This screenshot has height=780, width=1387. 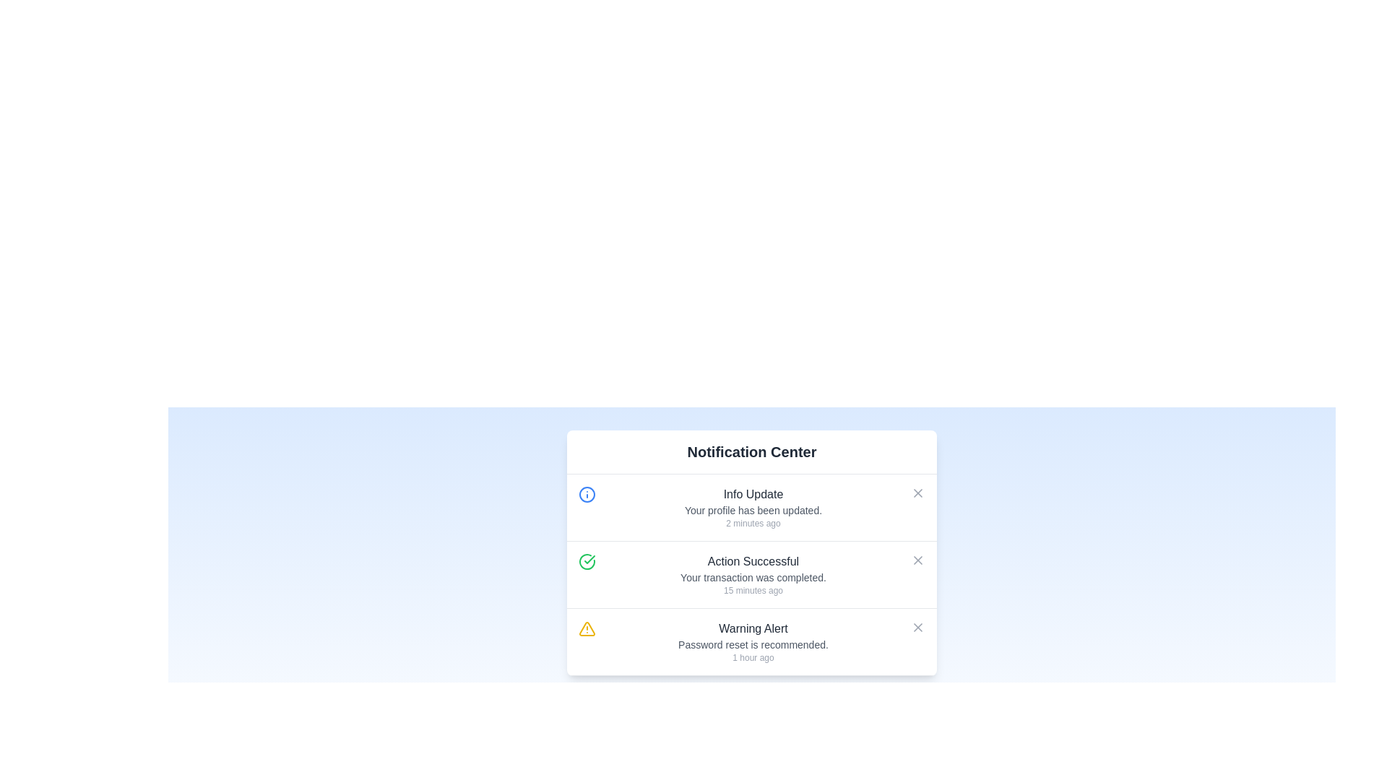 What do you see at coordinates (917, 626) in the screenshot?
I see `the Icon button at the bottom-right corner of the third notification card labeled 'Warning Alert' to change the icon color` at bounding box center [917, 626].